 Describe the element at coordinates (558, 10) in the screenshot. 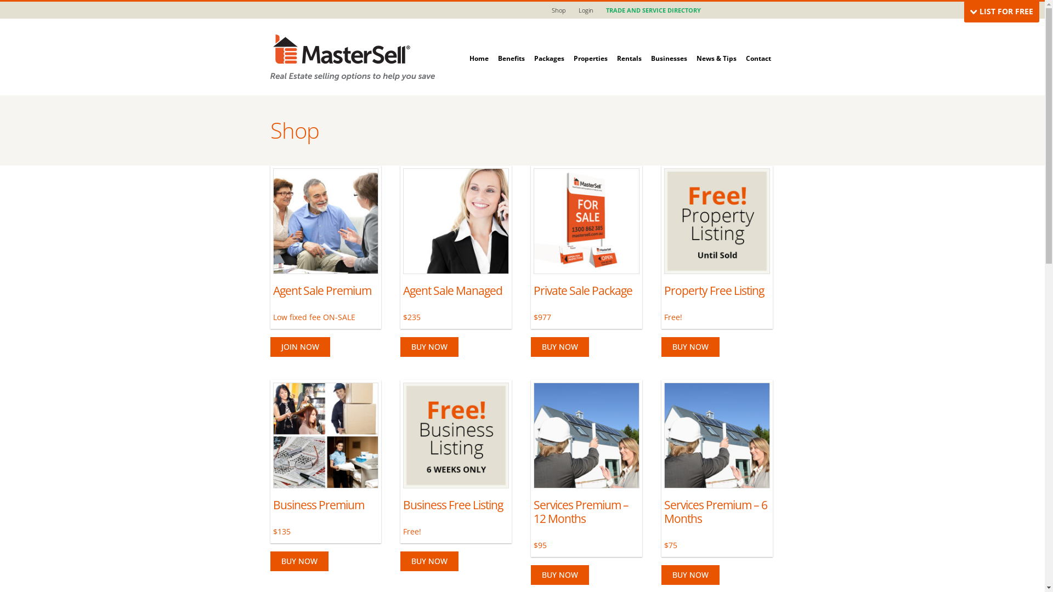

I see `'Shop'` at that location.